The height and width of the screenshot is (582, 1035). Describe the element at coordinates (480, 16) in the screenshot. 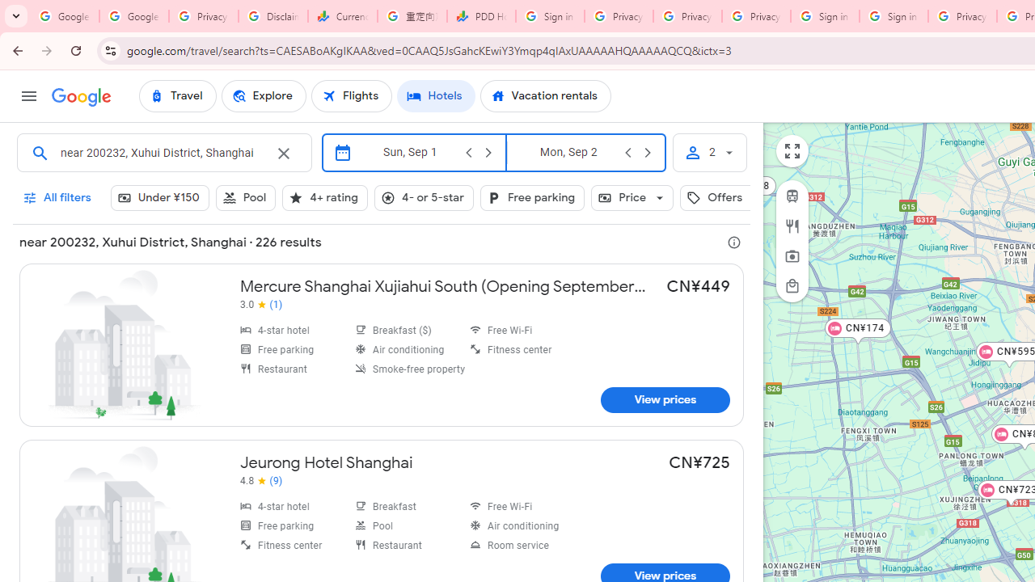

I see `'PDD Holdings Inc - ADR (PDD) Price & News - Google Finance'` at that location.